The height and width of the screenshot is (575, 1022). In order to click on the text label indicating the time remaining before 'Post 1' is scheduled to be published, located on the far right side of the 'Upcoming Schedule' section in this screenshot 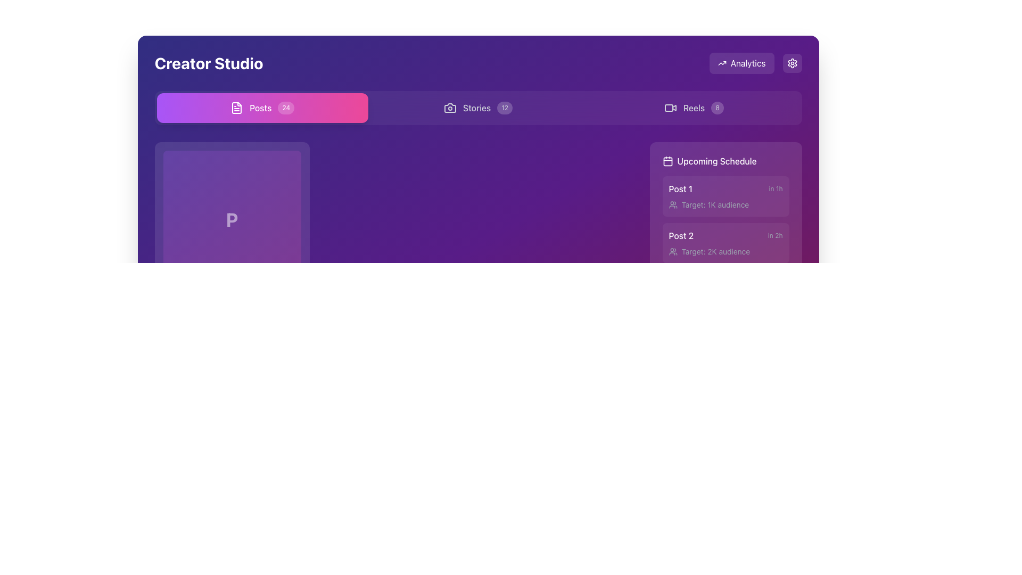, I will do `click(776, 188)`.